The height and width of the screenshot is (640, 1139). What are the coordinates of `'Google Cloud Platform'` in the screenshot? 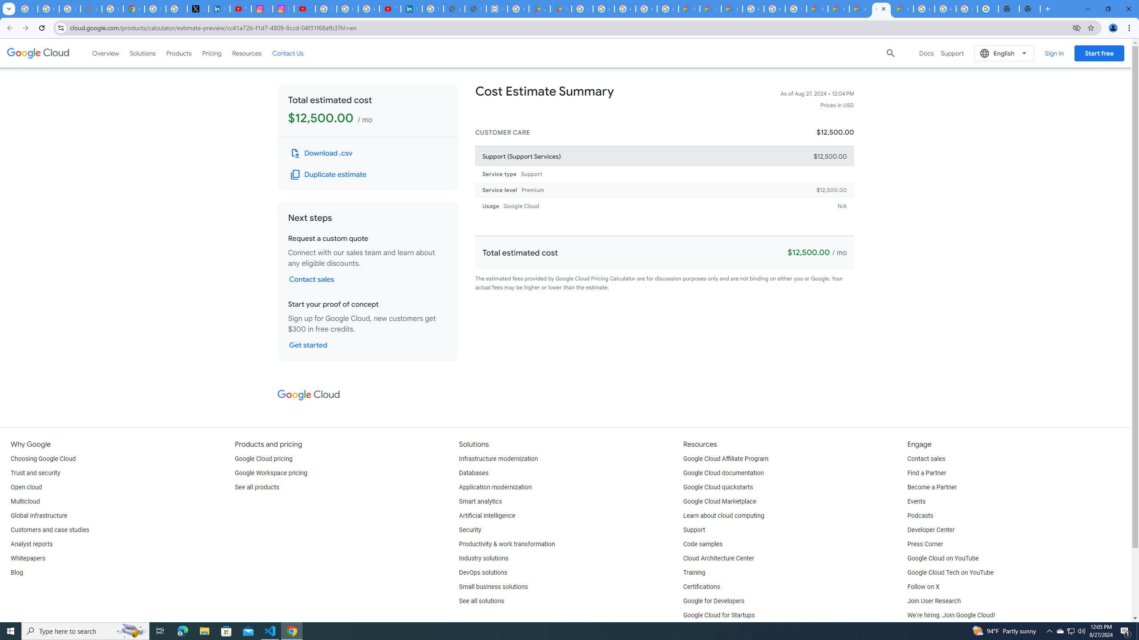 It's located at (752, 8).